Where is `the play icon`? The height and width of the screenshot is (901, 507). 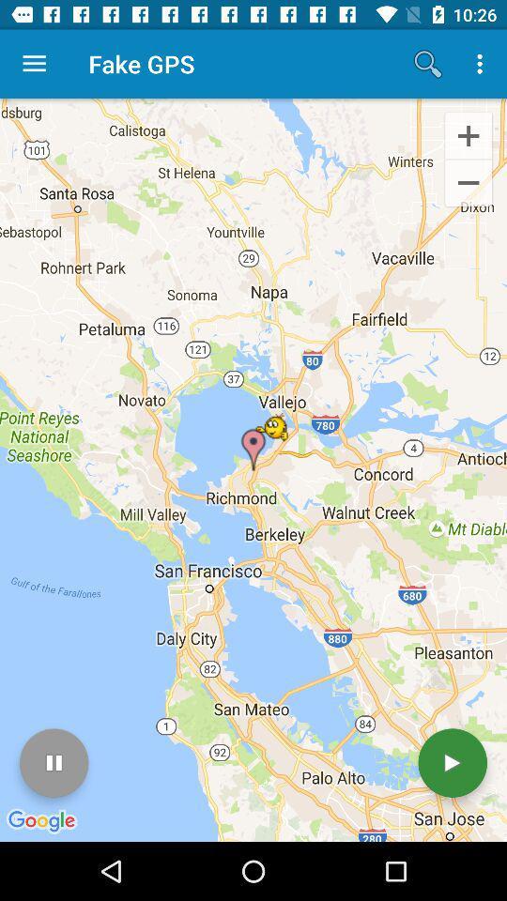
the play icon is located at coordinates (452, 763).